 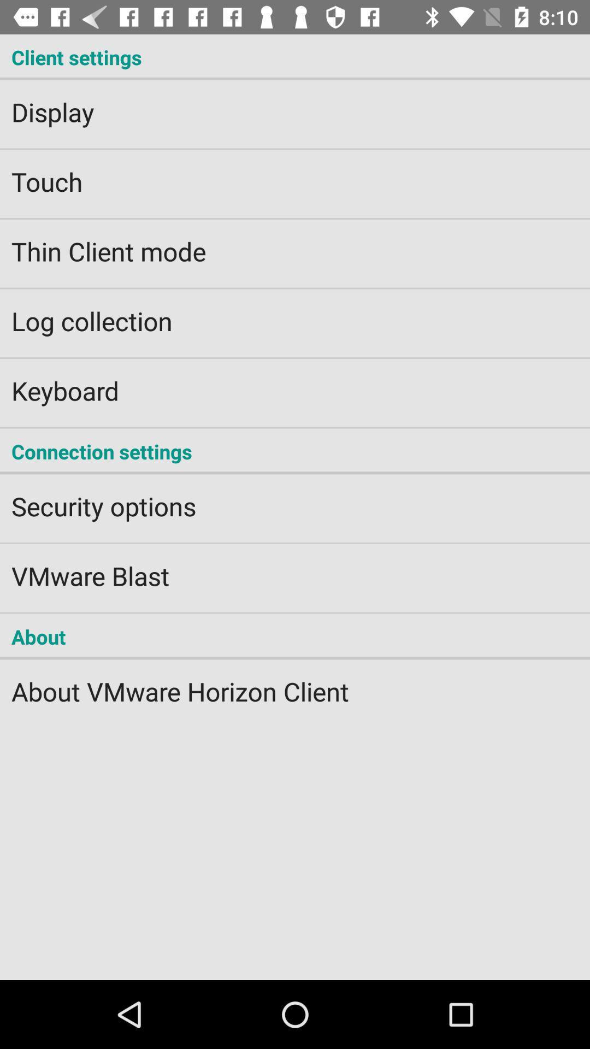 What do you see at coordinates (295, 498) in the screenshot?
I see `the security options icon` at bounding box center [295, 498].